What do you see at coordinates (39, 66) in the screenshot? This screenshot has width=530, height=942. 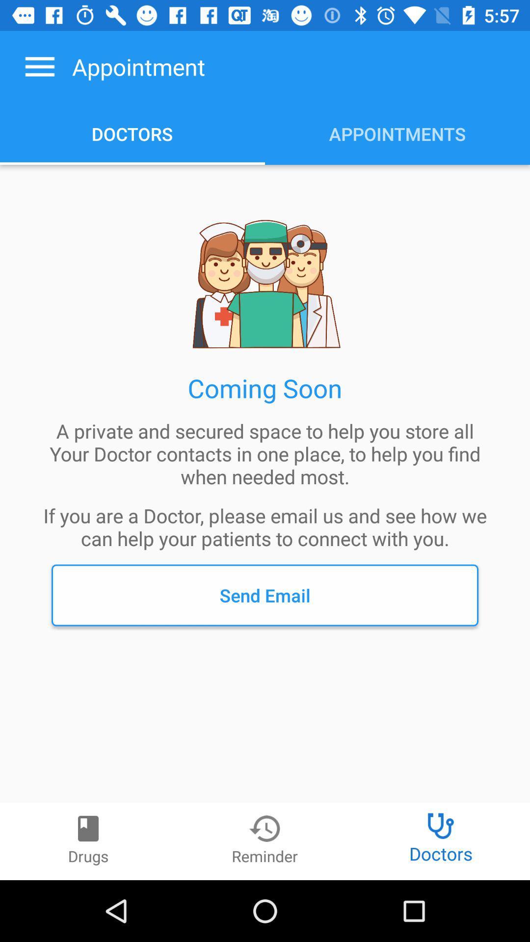 I see `icon to the left of appointment icon` at bounding box center [39, 66].